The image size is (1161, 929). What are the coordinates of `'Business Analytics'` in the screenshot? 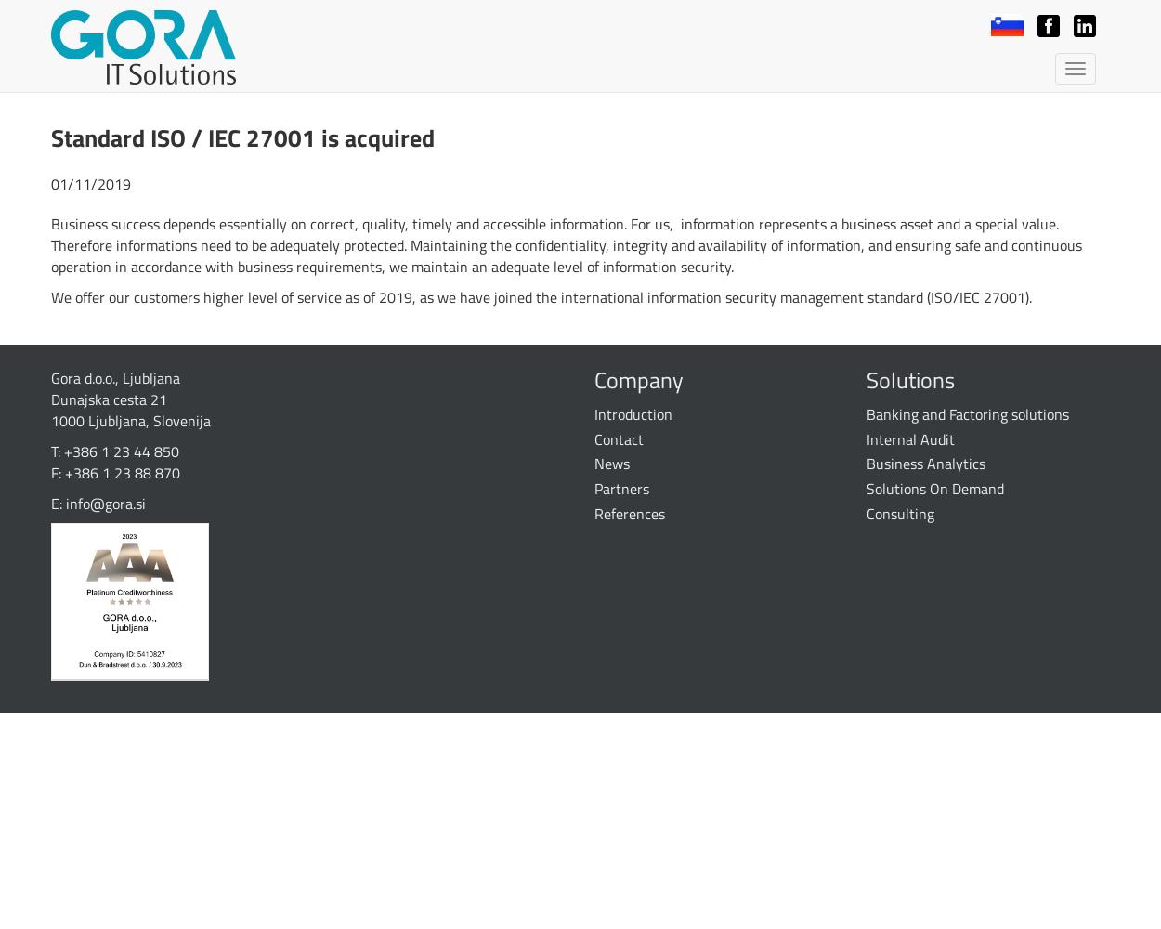 It's located at (923, 463).